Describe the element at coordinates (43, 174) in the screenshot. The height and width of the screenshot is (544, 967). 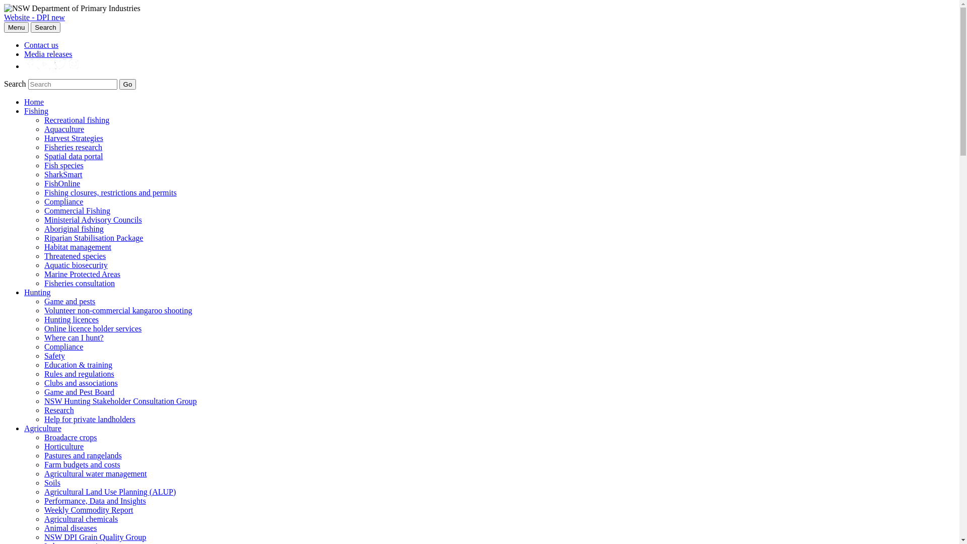
I see `'SharkSmart'` at that location.